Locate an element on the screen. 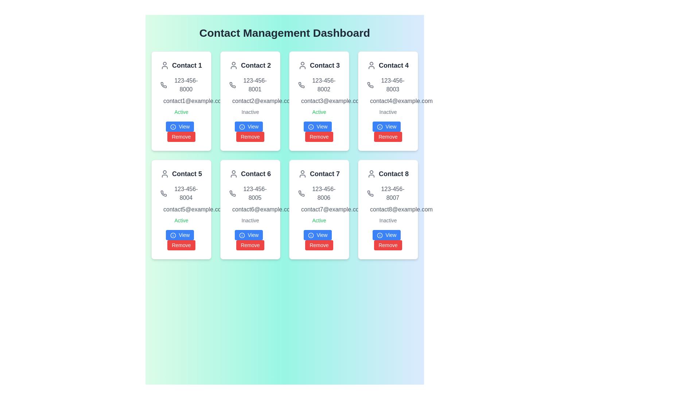 The height and width of the screenshot is (393, 700). the icon representing the contact's phone number for 'Contact 1', which is located just to the left of the phone number '123-456-8000' is located at coordinates (163, 85).